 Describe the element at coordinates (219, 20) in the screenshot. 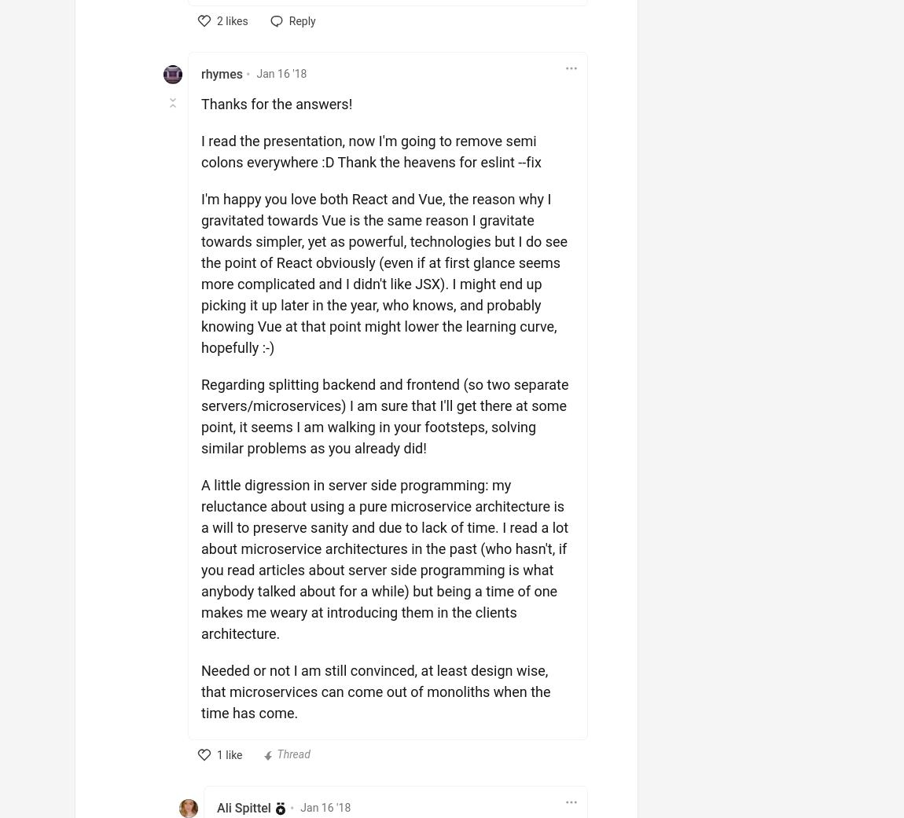

I see `'2'` at that location.